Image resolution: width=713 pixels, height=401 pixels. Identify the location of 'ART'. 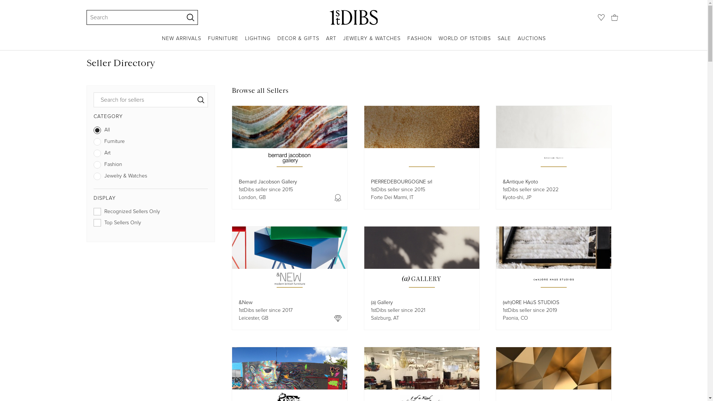
(331, 42).